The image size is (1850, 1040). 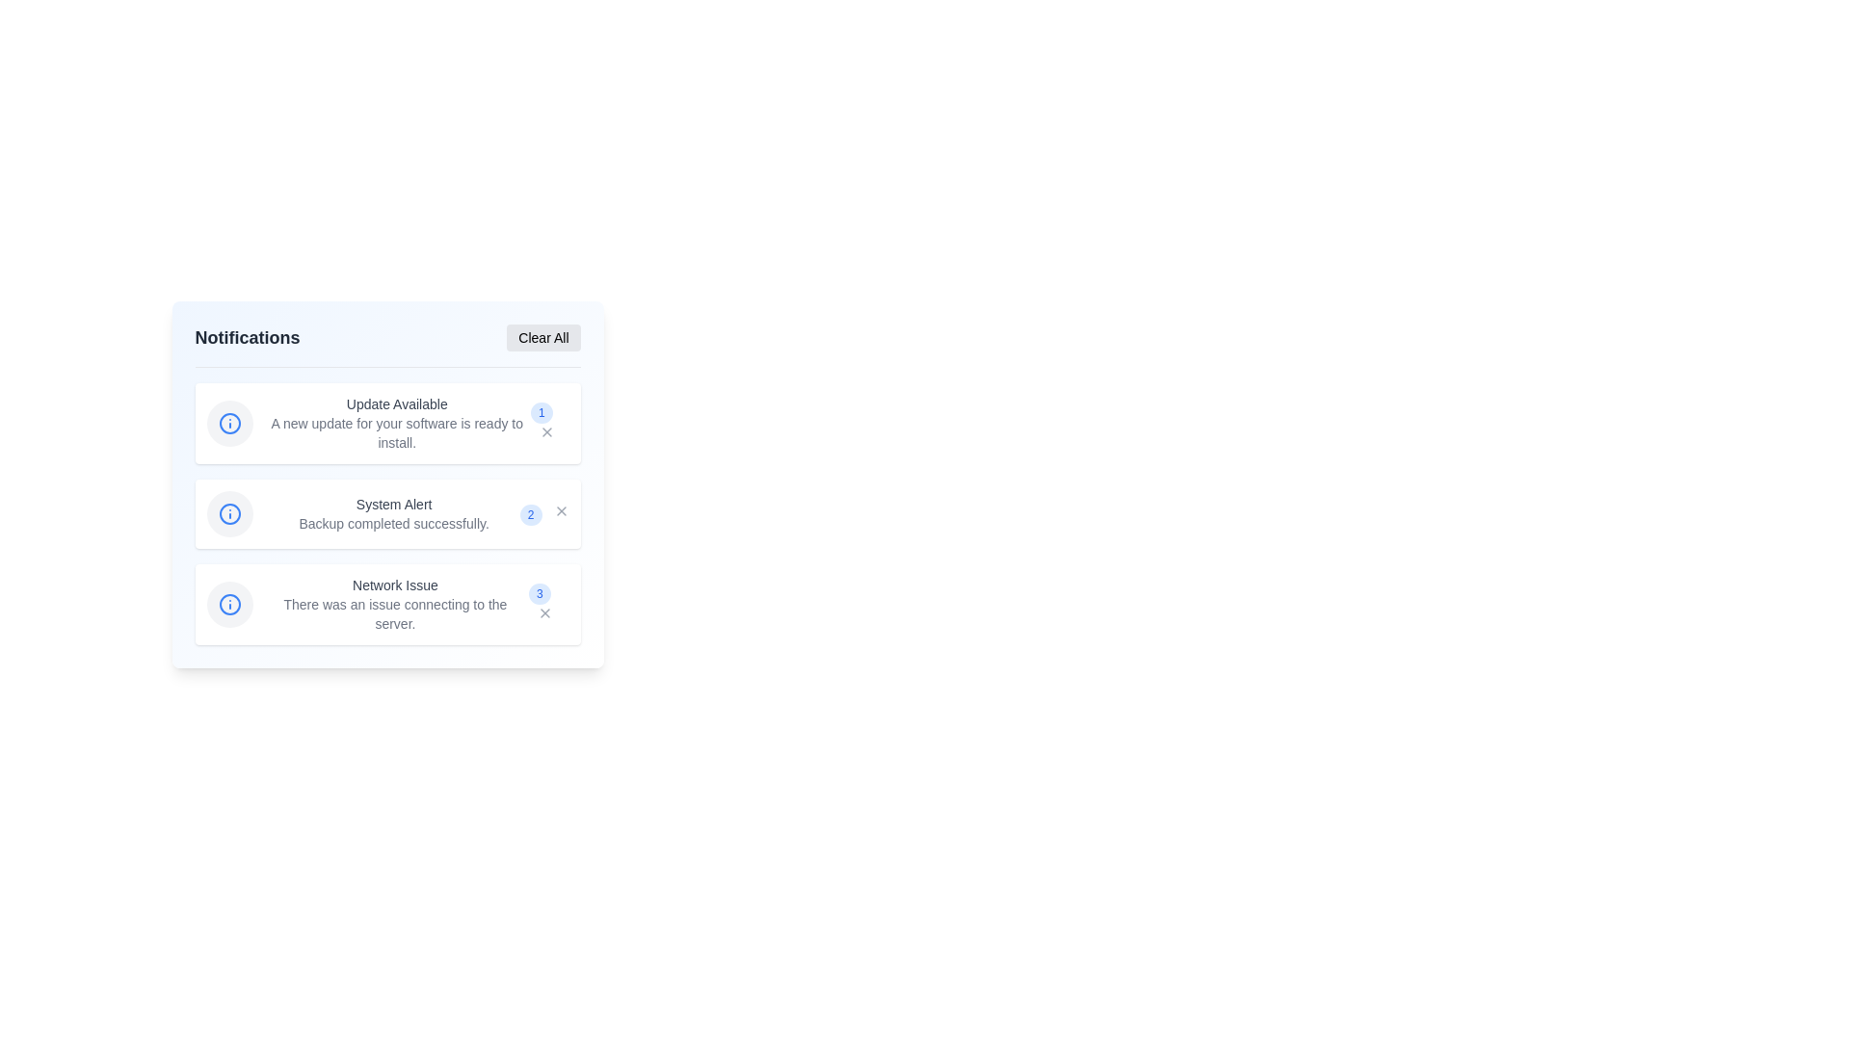 I want to click on the Text Label indicating that the system backup task has been successfully completed, located in the 'System Alert' notification card as the second line of text, so click(x=393, y=523).